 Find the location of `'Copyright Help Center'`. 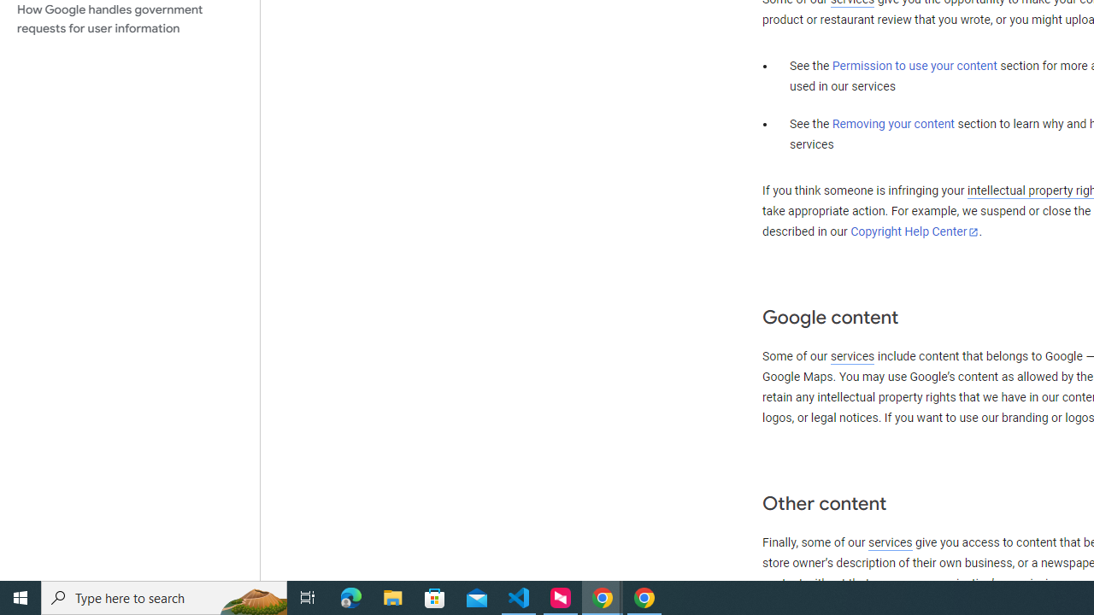

'Copyright Help Center' is located at coordinates (914, 231).